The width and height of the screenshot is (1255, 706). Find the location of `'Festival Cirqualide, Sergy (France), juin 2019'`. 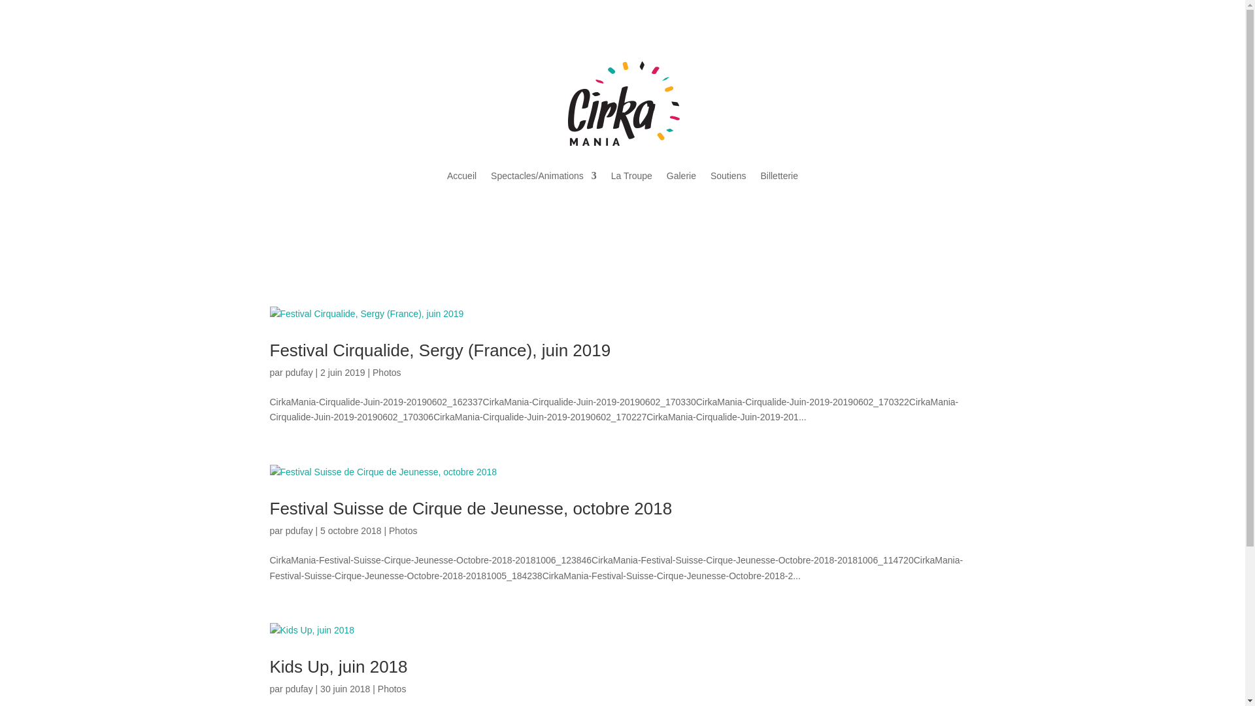

'Festival Cirqualide, Sergy (France), juin 2019' is located at coordinates (439, 350).